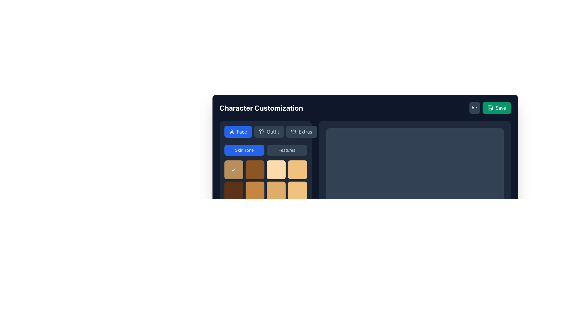 The width and height of the screenshot is (573, 322). What do you see at coordinates (269, 213) in the screenshot?
I see `the color input element with a value of '#B88E5C'` at bounding box center [269, 213].